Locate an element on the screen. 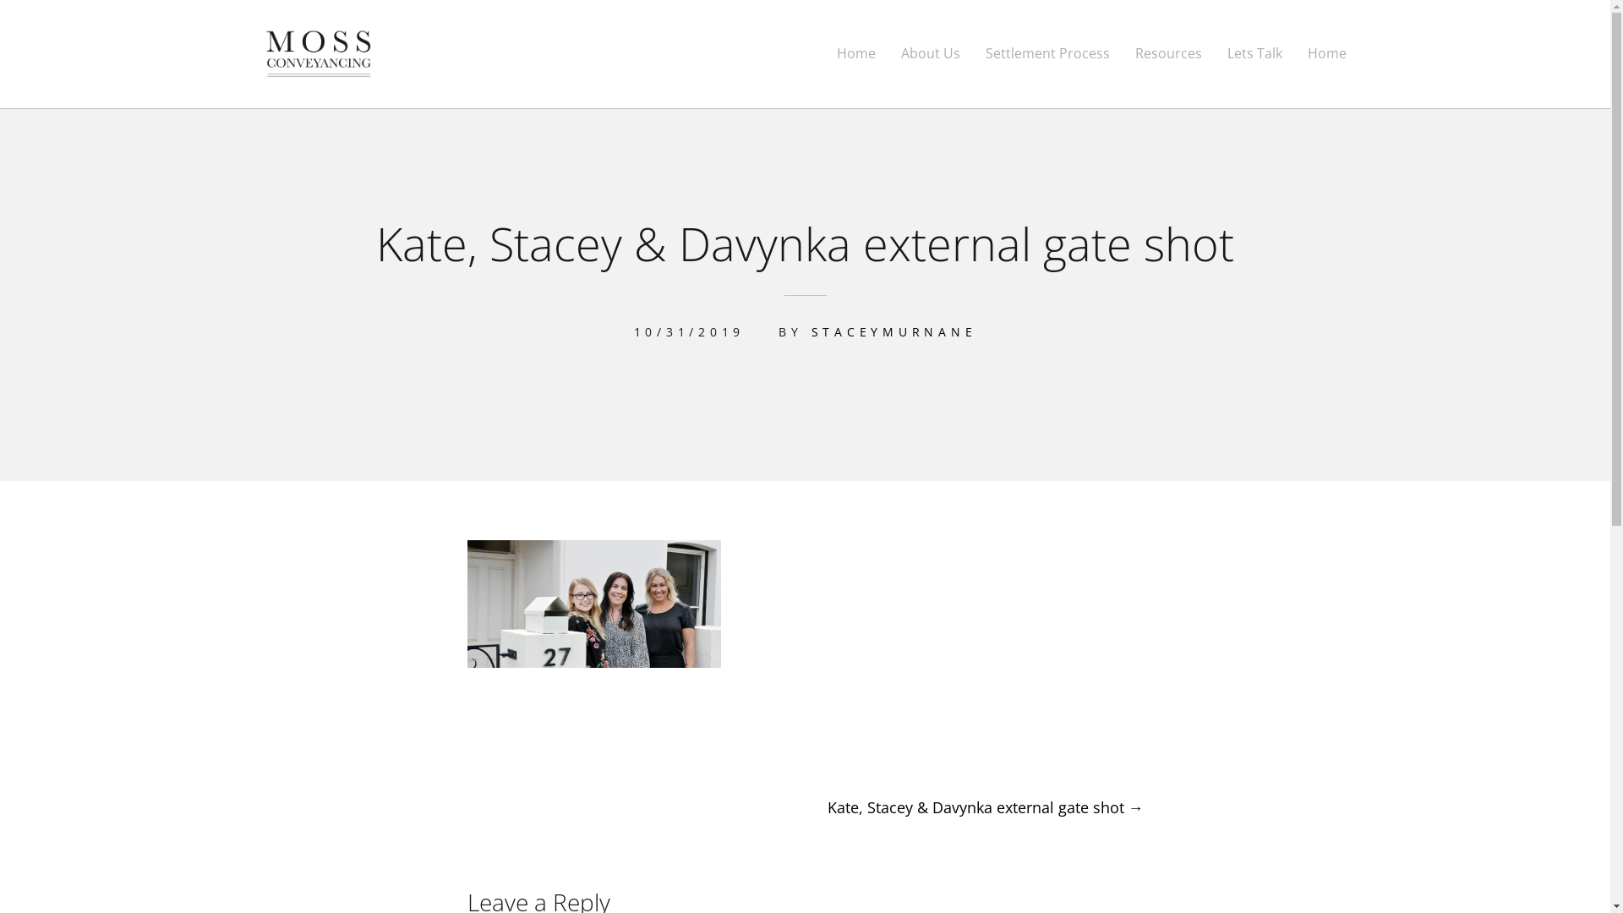 The width and height of the screenshot is (1623, 913). 'Home' is located at coordinates (855, 52).